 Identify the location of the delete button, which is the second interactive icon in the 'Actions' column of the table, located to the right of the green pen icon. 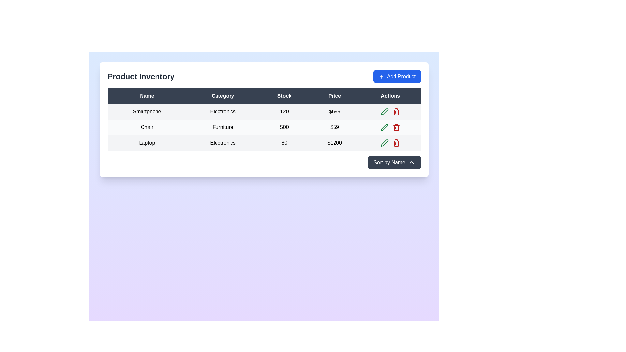
(396, 143).